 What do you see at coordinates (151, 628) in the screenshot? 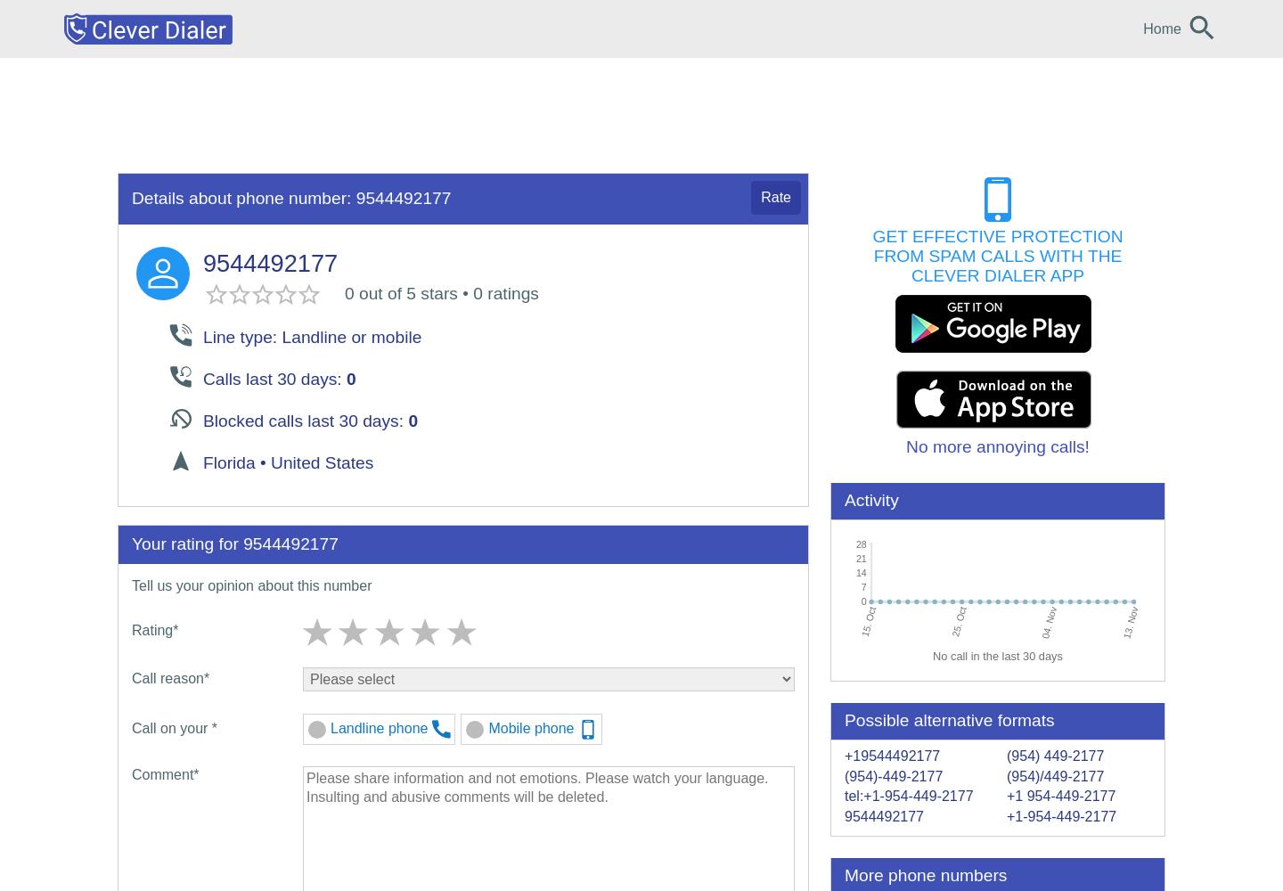
I see `'Rating'` at bounding box center [151, 628].